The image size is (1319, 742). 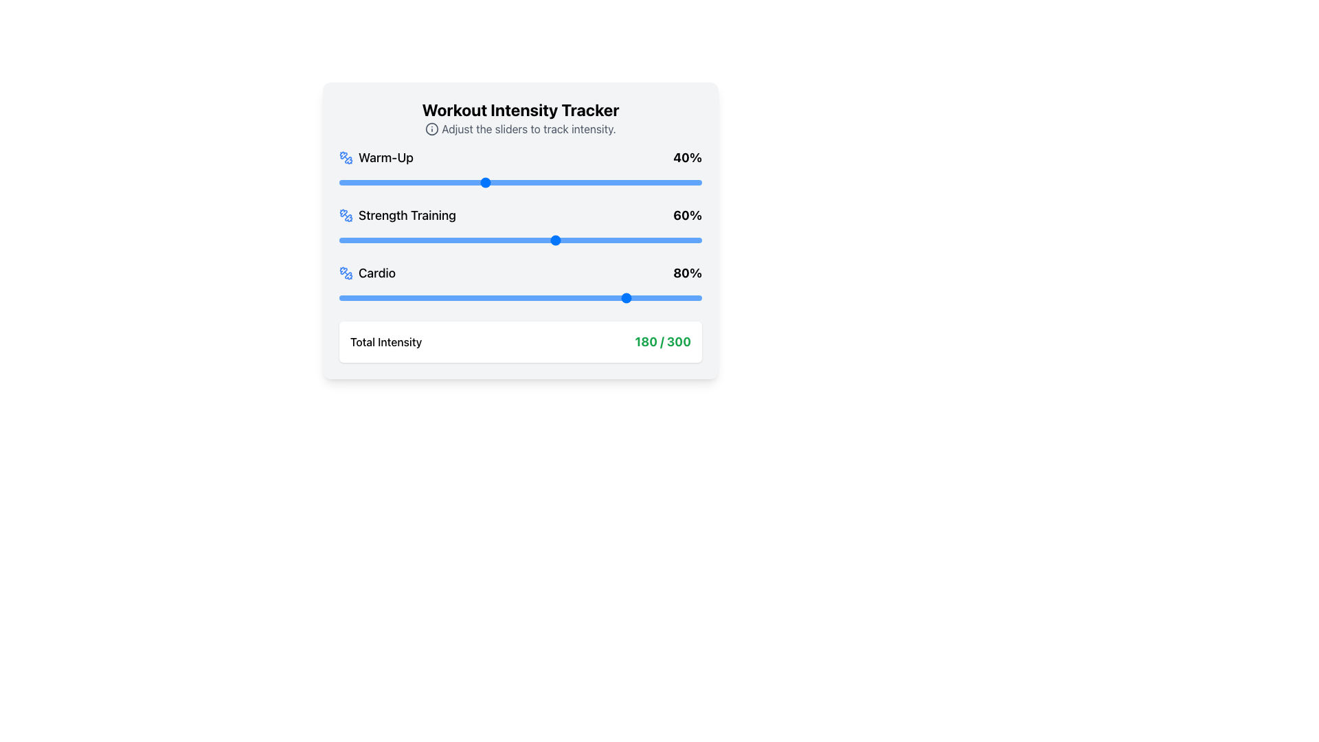 I want to click on the strength training intensity, so click(x=425, y=240).